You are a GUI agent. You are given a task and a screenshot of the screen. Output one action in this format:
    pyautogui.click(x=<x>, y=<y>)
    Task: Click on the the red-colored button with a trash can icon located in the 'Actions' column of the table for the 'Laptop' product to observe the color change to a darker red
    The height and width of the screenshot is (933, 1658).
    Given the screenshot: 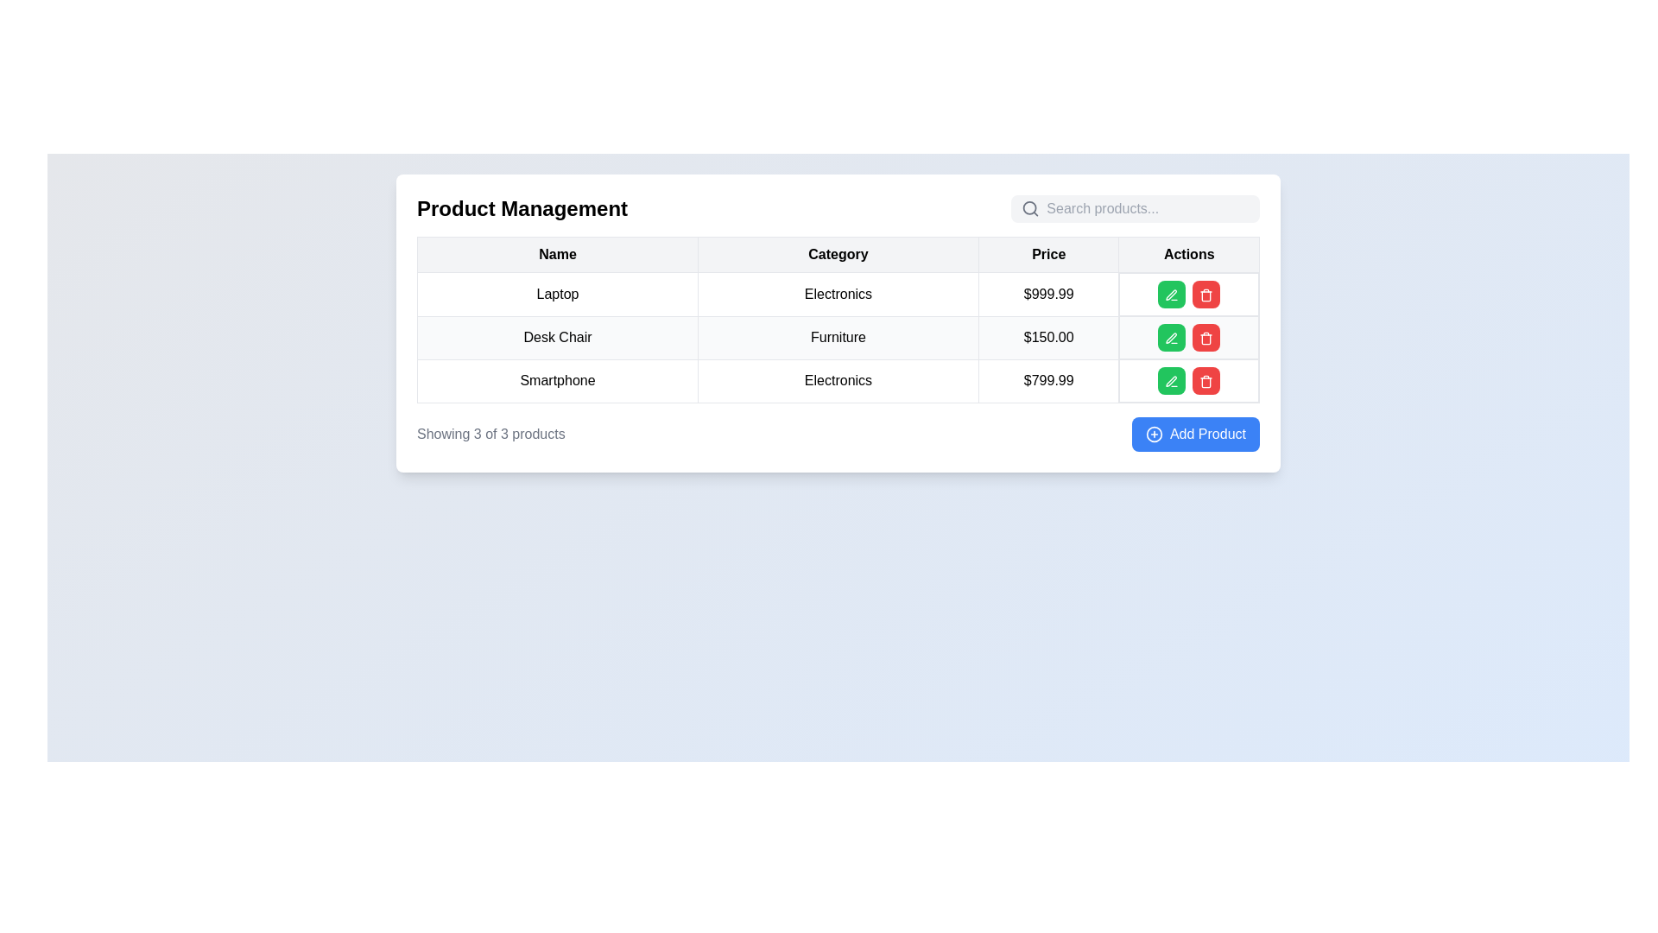 What is the action you would take?
    pyautogui.click(x=1206, y=293)
    